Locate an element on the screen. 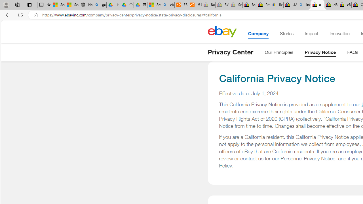 Image resolution: width=363 pixels, height=204 pixels. 'Refresh' is located at coordinates (20, 14).